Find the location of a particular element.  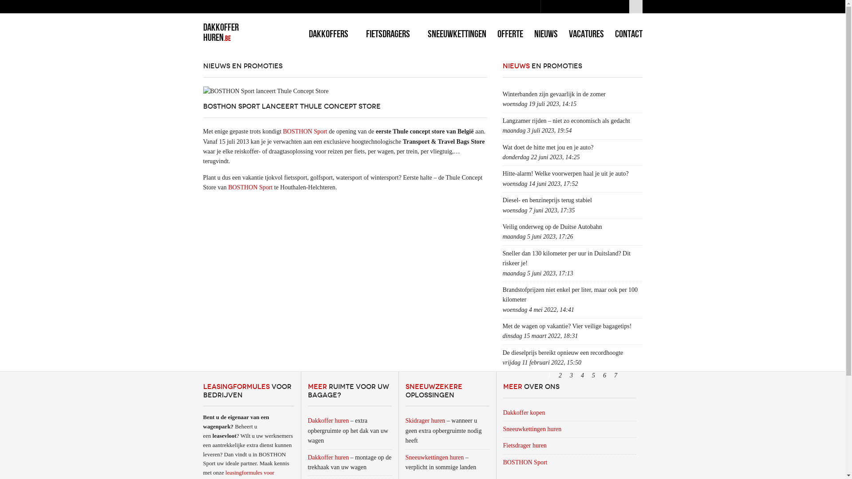

'SNEEUWKETTINGEN' is located at coordinates (457, 33).